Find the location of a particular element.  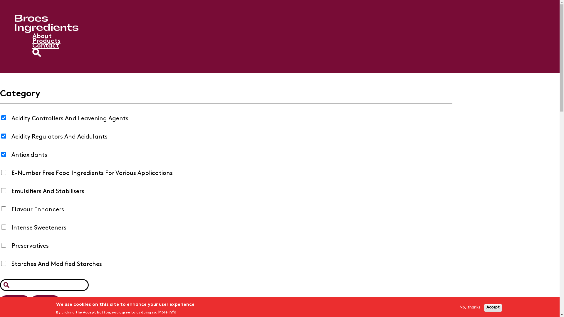

'More info' is located at coordinates (167, 312).